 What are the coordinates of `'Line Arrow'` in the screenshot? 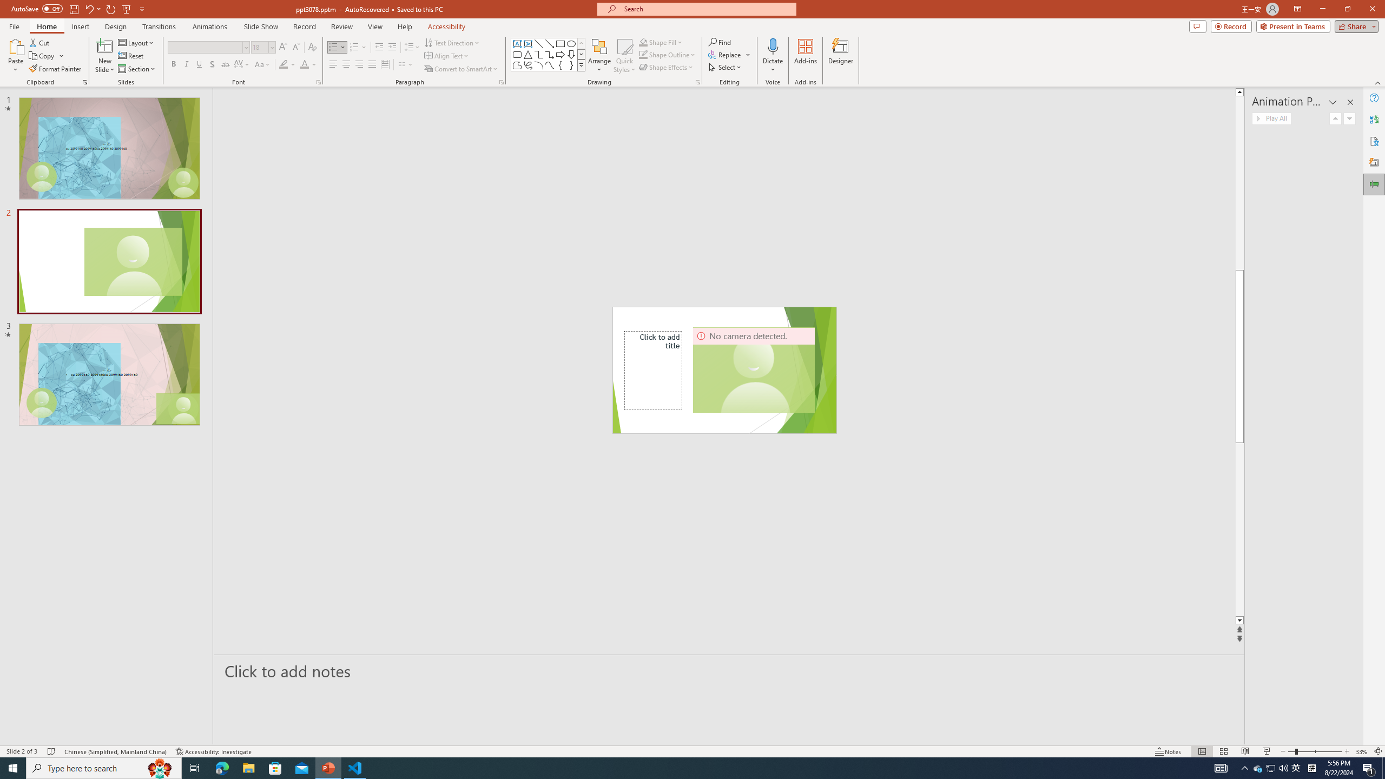 It's located at (549, 43).